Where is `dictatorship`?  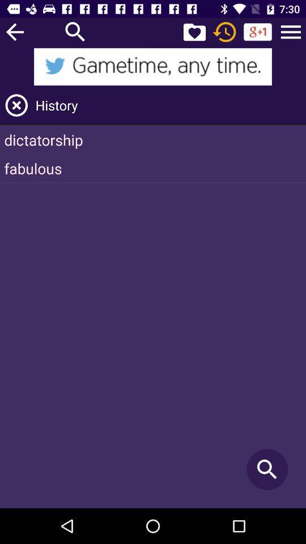 dictatorship is located at coordinates (153, 139).